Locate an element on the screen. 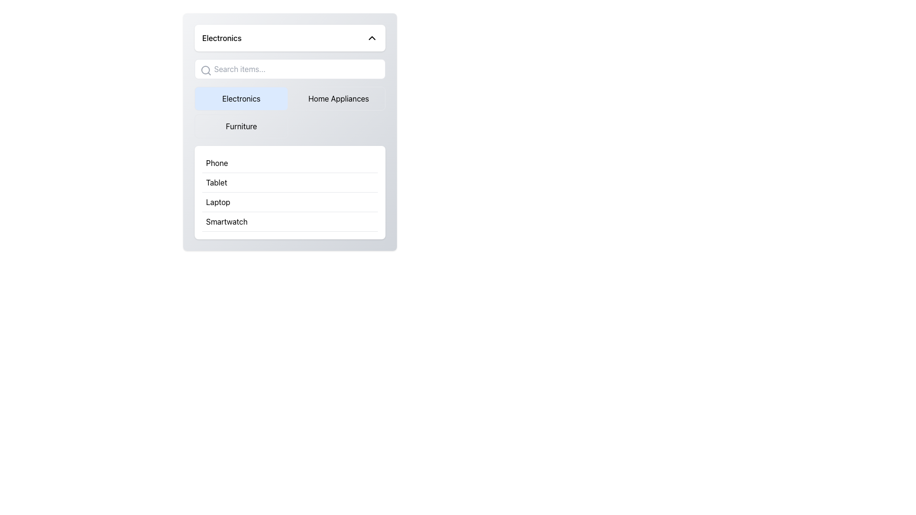  the electronics category options in the dropdown menu located below the 'Electronics' header is located at coordinates (290, 149).